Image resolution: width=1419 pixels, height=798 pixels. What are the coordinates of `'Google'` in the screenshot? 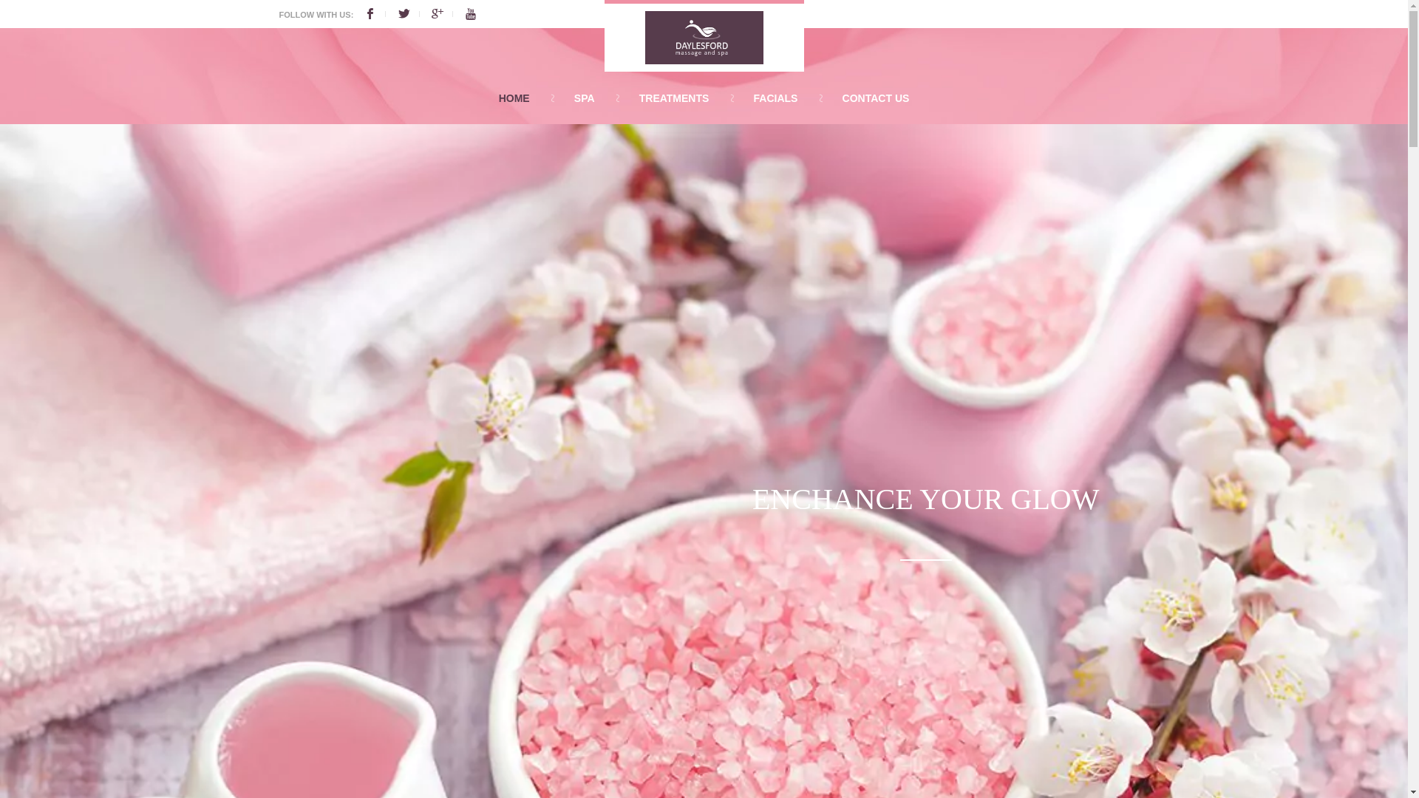 It's located at (446, 14).